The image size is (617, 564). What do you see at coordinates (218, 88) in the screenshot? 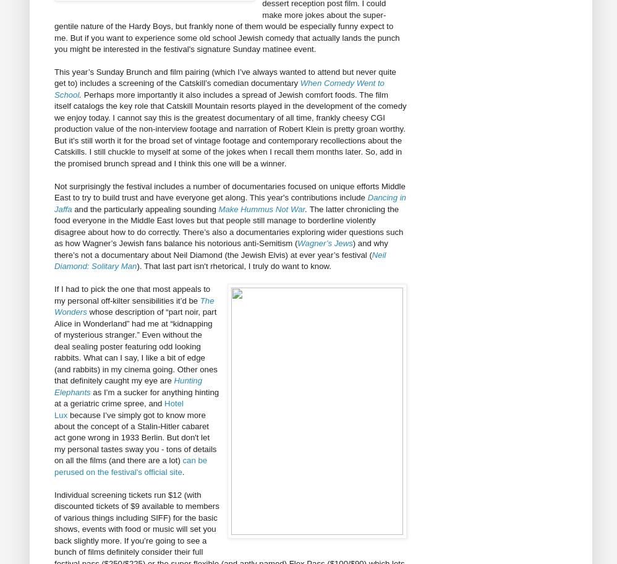
I see `'When Comedy Went to School'` at bounding box center [218, 88].